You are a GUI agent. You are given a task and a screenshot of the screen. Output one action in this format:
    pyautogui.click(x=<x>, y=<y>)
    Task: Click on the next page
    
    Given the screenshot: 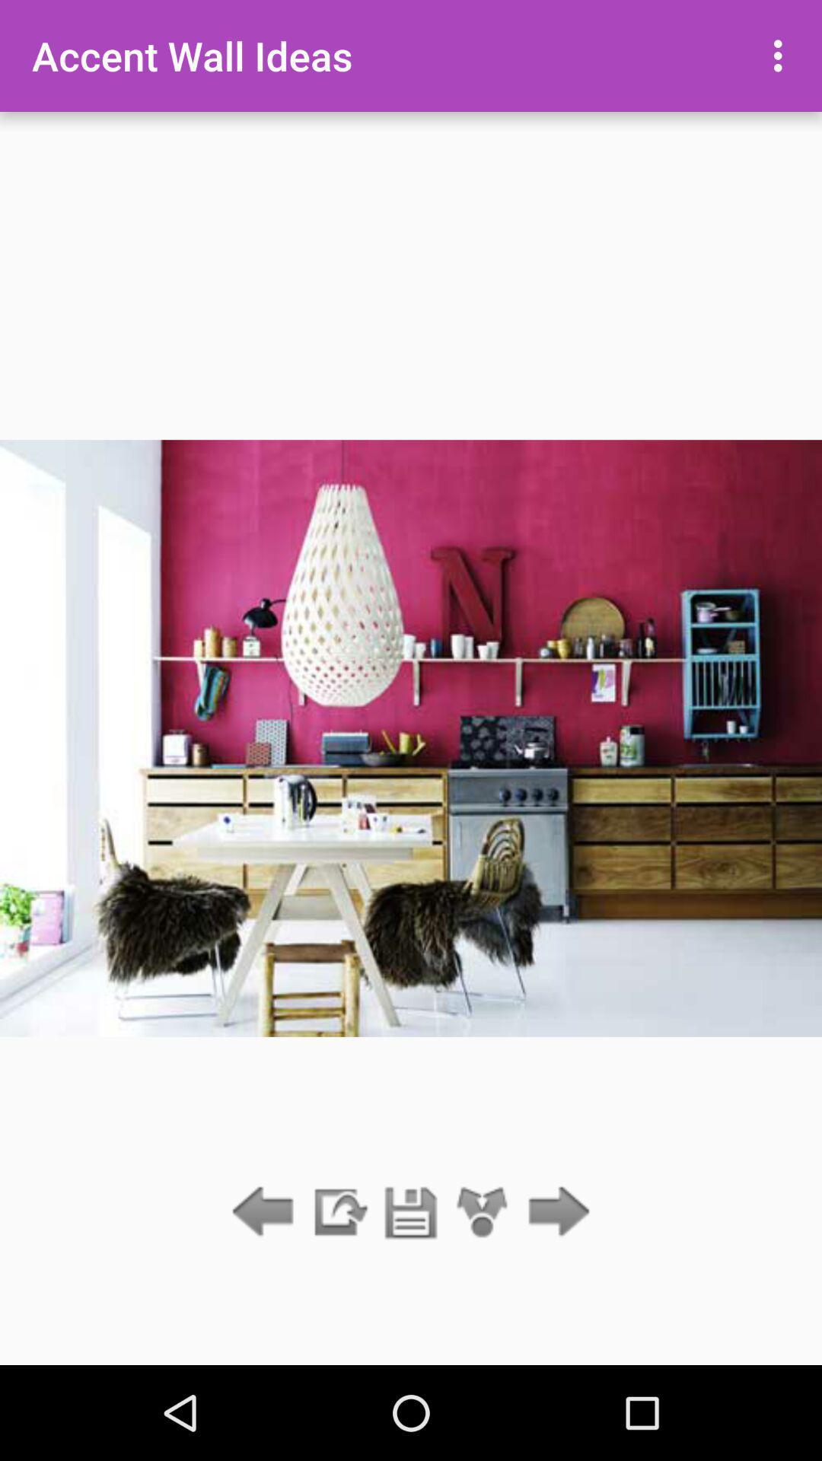 What is the action you would take?
    pyautogui.click(x=555, y=1212)
    